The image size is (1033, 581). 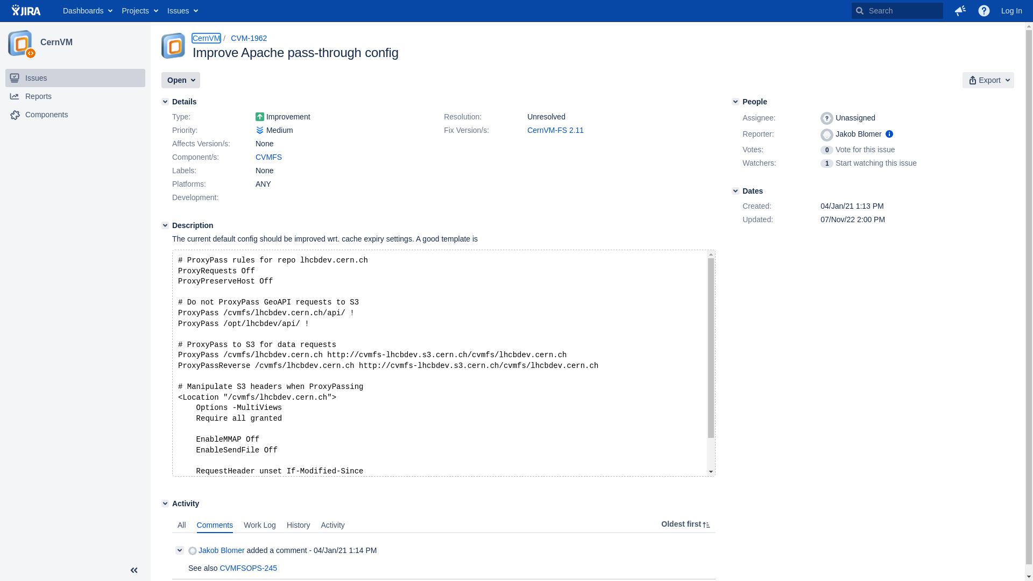 I want to click on 'Give feedback to Atlassian', so click(x=960, y=10).